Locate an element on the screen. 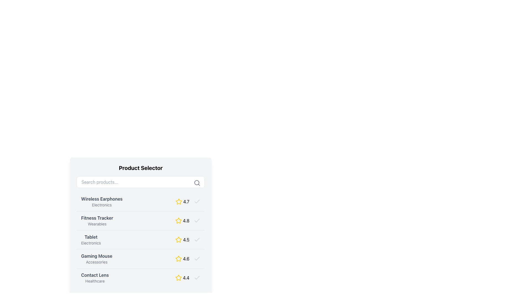  the first product entry titled 'Wireless Earphones' in the 'Product Selector' list is located at coordinates (141, 202).